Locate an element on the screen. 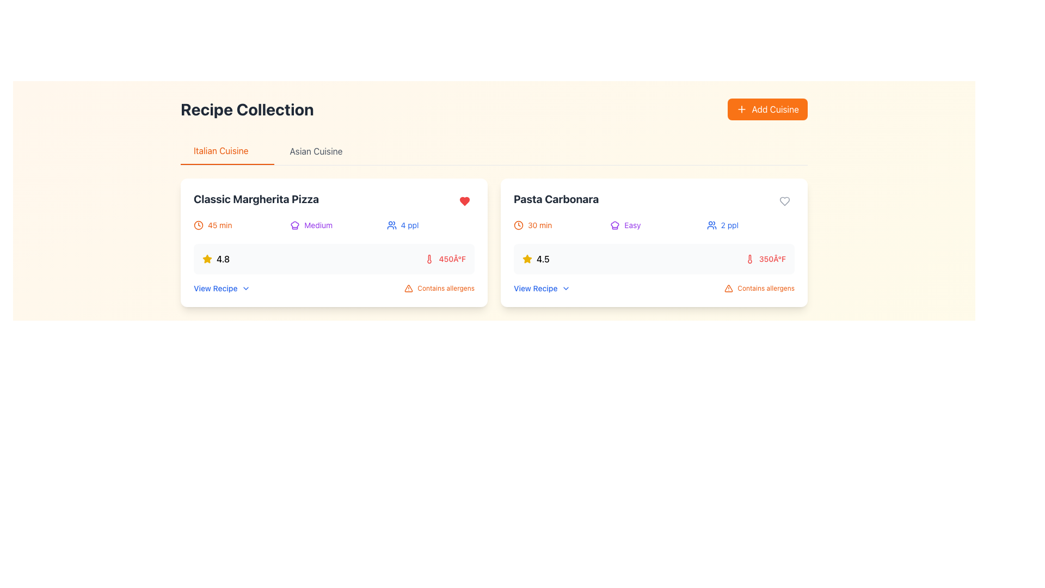 The image size is (1045, 588). the decorative icon for the 'Add Cuisine' button located at the top right corner of the application interface to focus on the button is located at coordinates (741, 109).